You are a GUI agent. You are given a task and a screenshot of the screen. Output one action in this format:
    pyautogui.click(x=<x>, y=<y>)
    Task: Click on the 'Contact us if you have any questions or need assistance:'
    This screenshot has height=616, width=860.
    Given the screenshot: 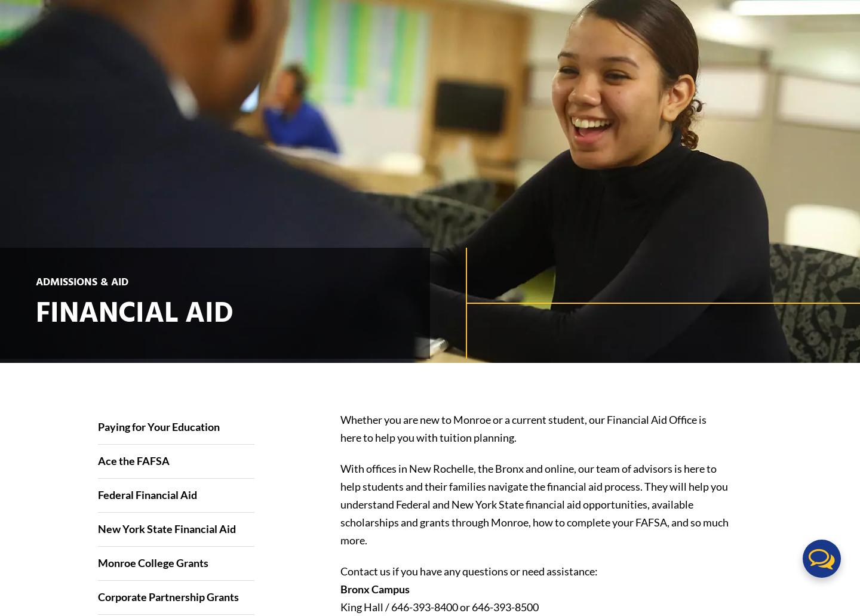 What is the action you would take?
    pyautogui.click(x=468, y=570)
    